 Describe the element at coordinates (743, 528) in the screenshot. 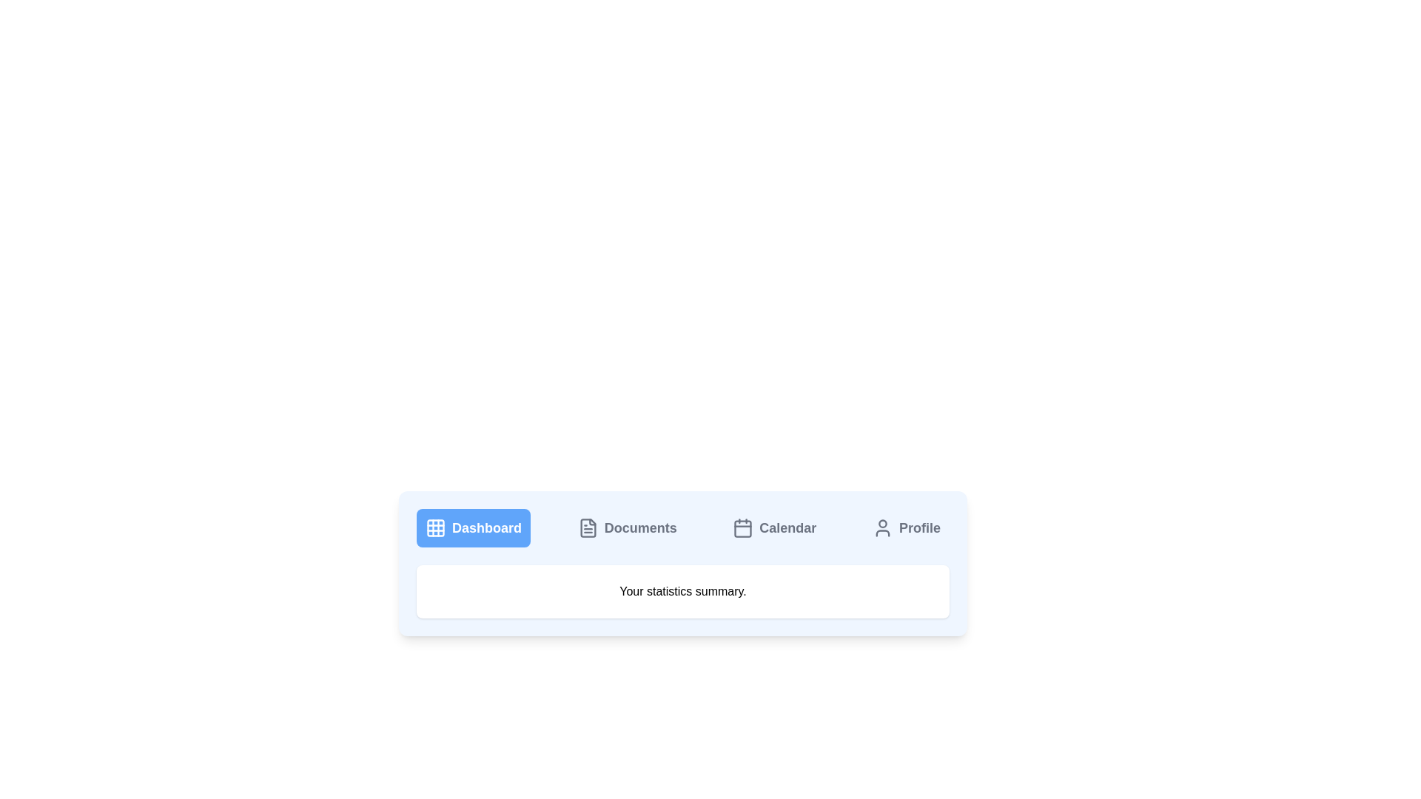

I see `the calendar icon element in the navigation bar, which is a rectangular graphical component with rounded corners and a light gray fill` at that location.